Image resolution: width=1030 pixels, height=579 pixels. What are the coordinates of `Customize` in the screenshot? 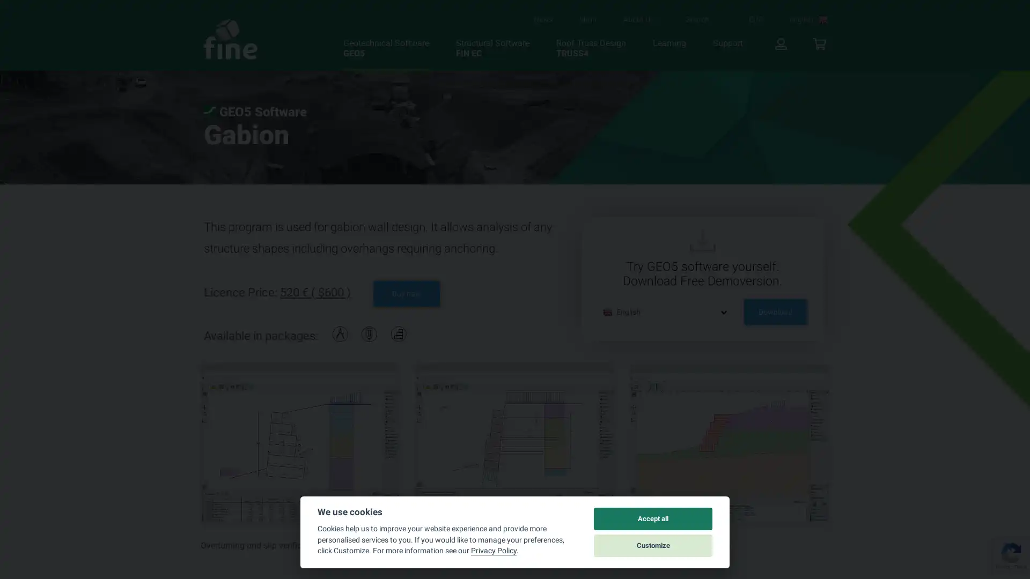 It's located at (652, 546).